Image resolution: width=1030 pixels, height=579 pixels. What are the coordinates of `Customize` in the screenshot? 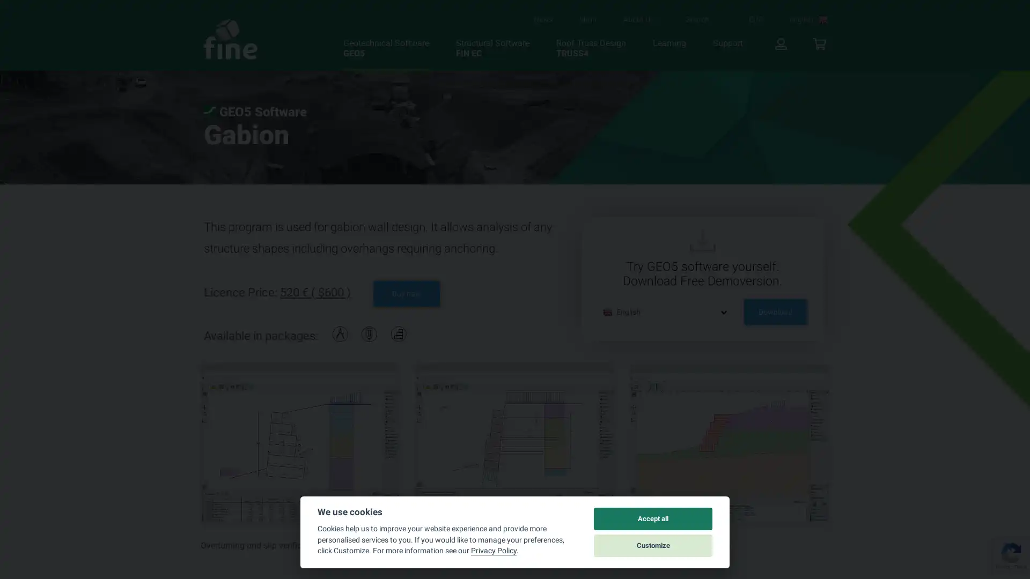 It's located at (652, 546).